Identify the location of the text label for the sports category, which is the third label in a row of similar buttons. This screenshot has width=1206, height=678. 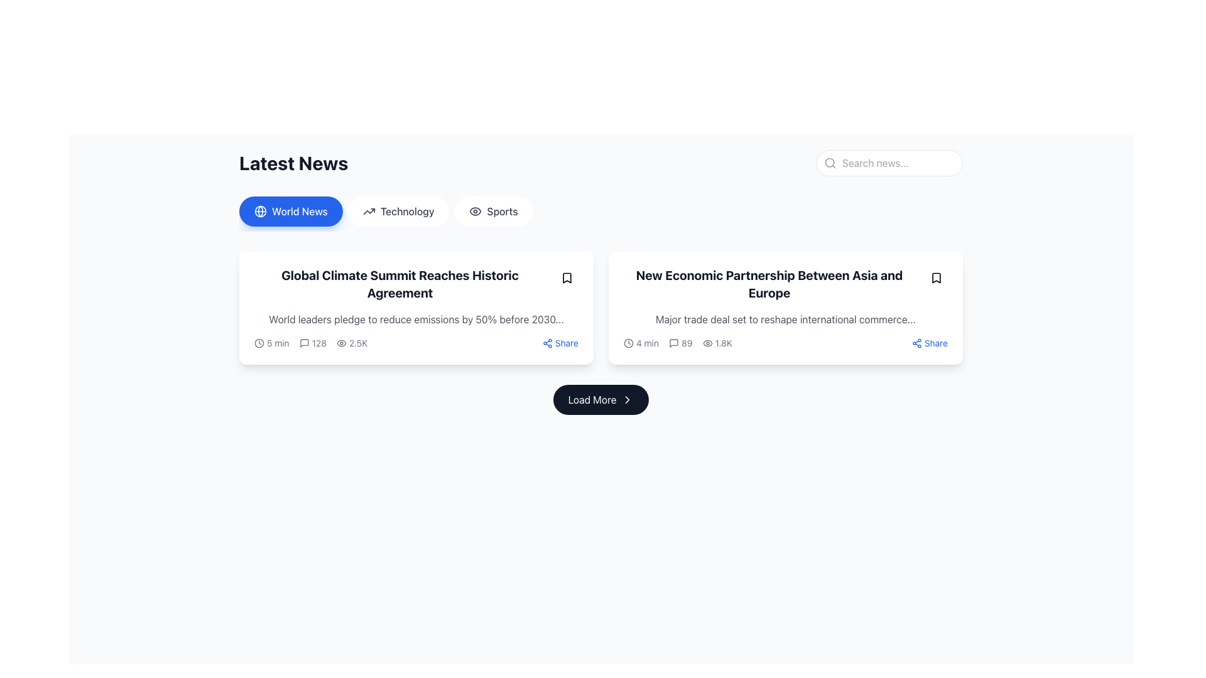
(503, 210).